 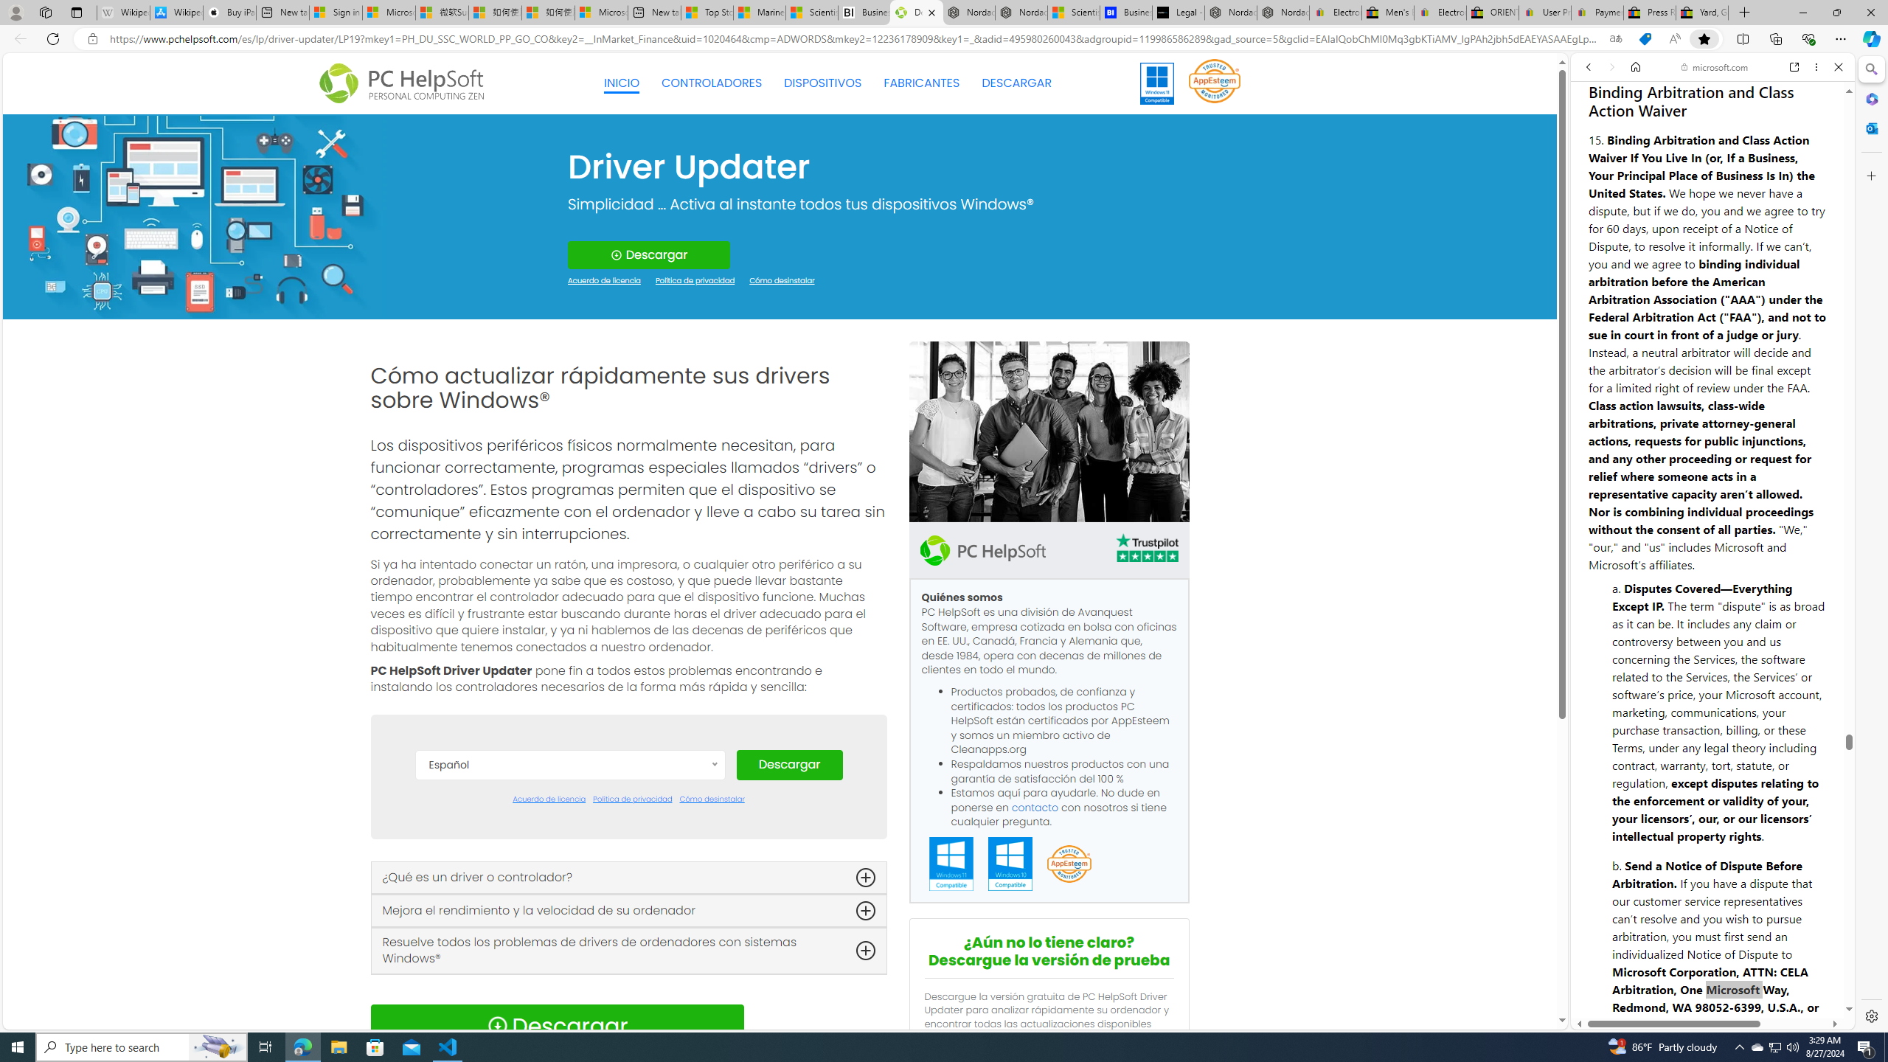 I want to click on 'Windows 10 Compatible', so click(x=1010, y=864).